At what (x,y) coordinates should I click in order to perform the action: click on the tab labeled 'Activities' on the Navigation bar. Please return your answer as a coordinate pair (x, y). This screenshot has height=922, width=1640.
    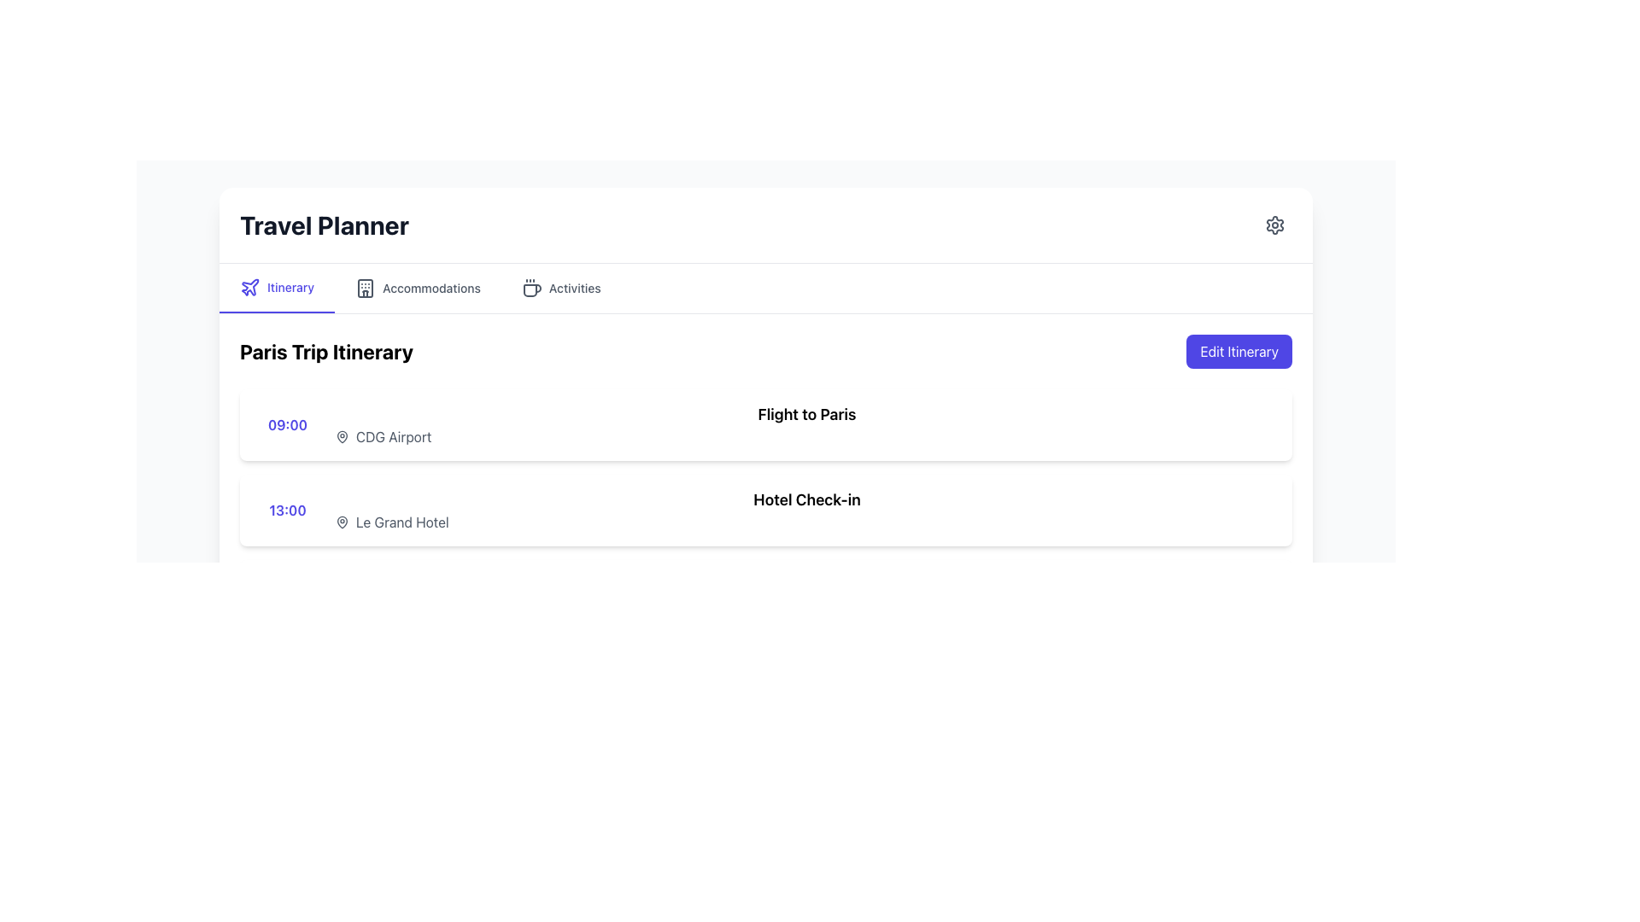
    Looking at the image, I should click on (765, 288).